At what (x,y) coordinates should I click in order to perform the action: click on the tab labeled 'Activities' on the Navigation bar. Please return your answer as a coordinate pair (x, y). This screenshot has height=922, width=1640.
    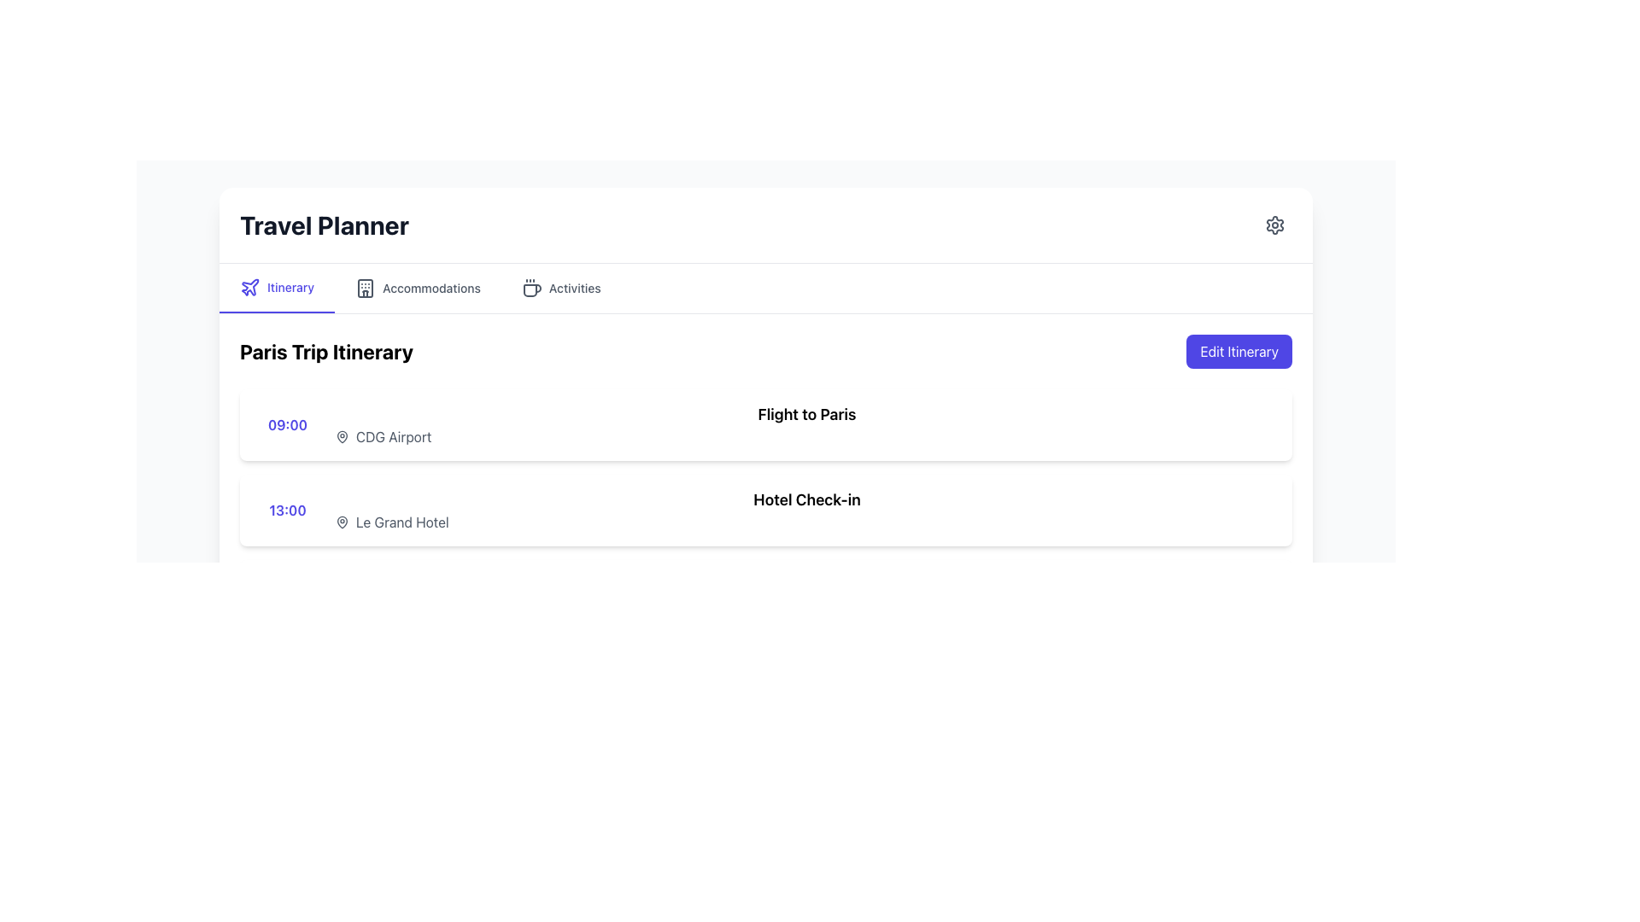
    Looking at the image, I should click on (765, 288).